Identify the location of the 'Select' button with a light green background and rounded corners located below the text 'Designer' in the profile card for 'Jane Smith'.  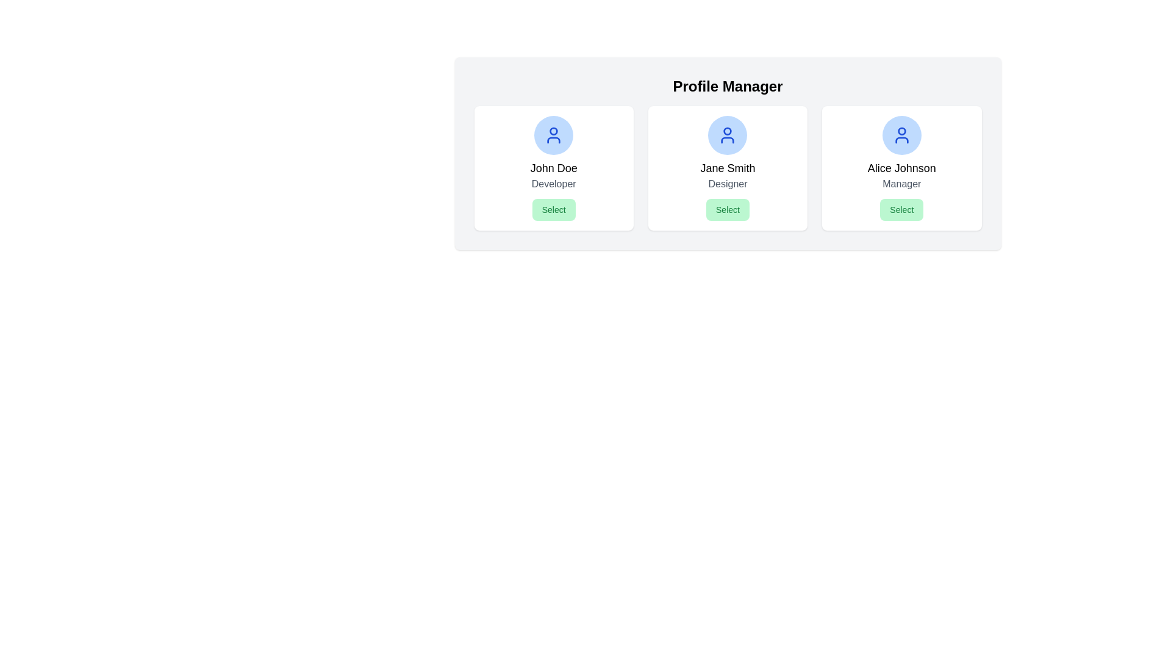
(728, 209).